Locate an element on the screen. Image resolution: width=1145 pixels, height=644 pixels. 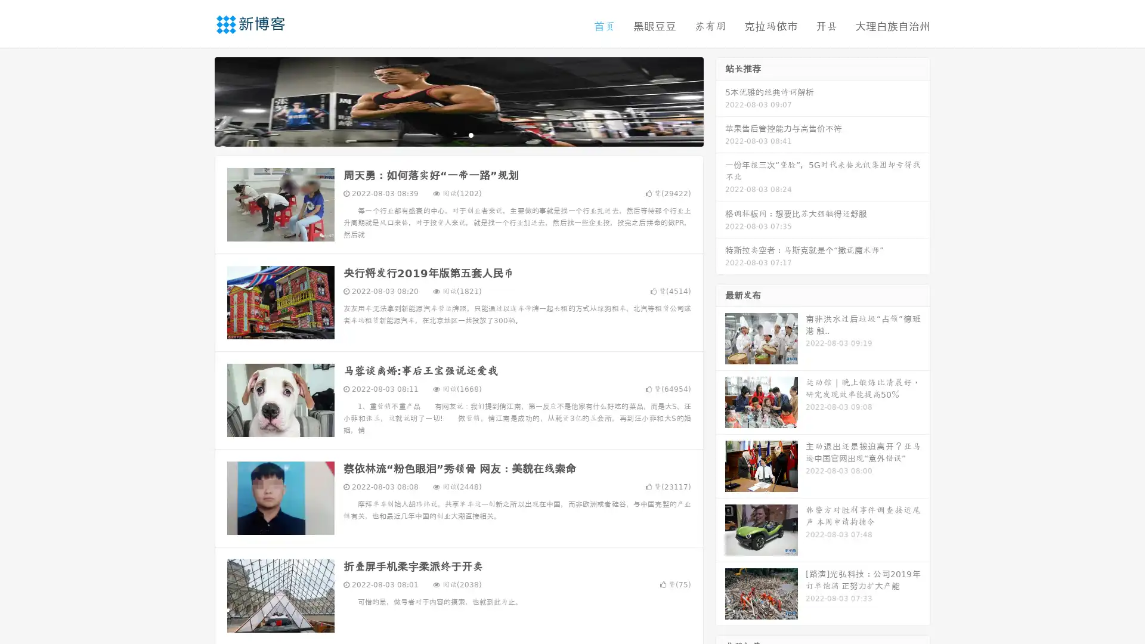
Previous slide is located at coordinates (197, 100).